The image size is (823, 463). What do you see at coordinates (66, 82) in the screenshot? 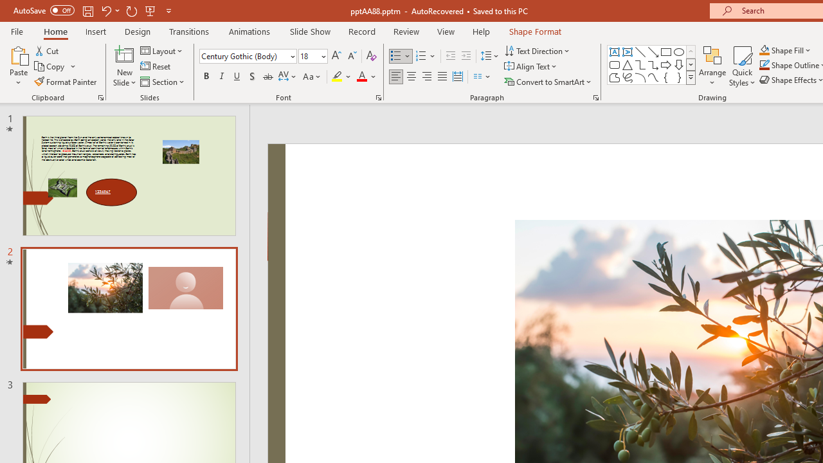
I see `'Format Painter'` at bounding box center [66, 82].